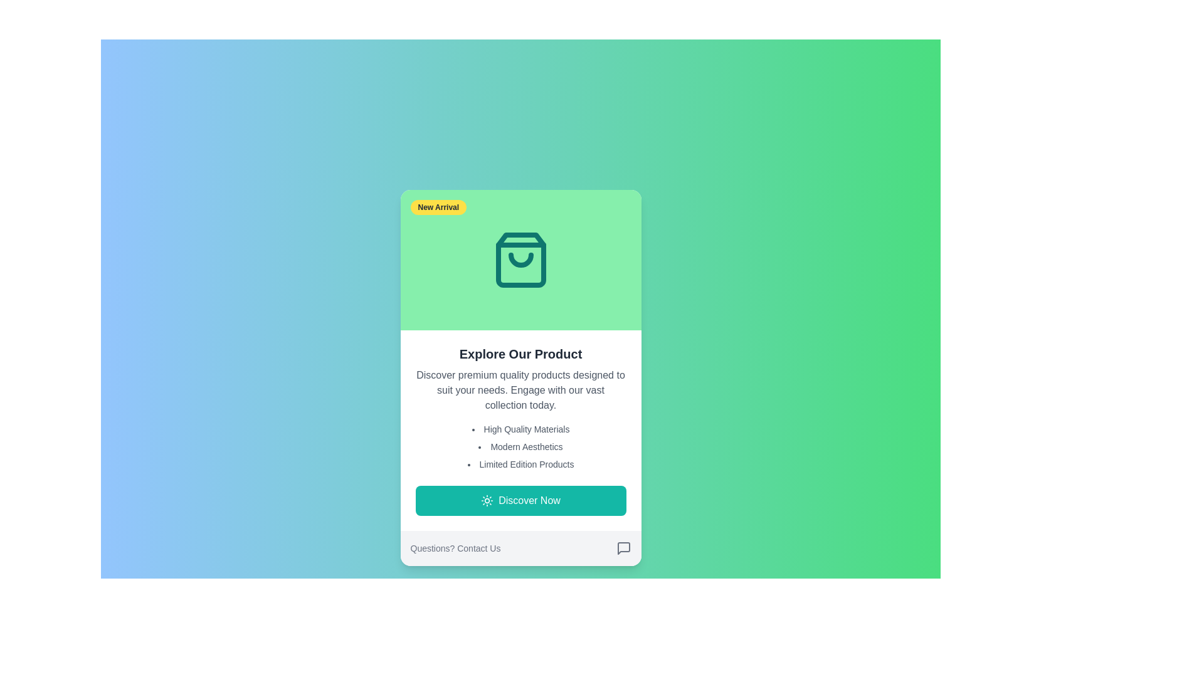 Image resolution: width=1204 pixels, height=677 pixels. What do you see at coordinates (520, 464) in the screenshot?
I see `the third bullet point text label under the 'Explore Our Product' section, which conveys key features of the product` at bounding box center [520, 464].